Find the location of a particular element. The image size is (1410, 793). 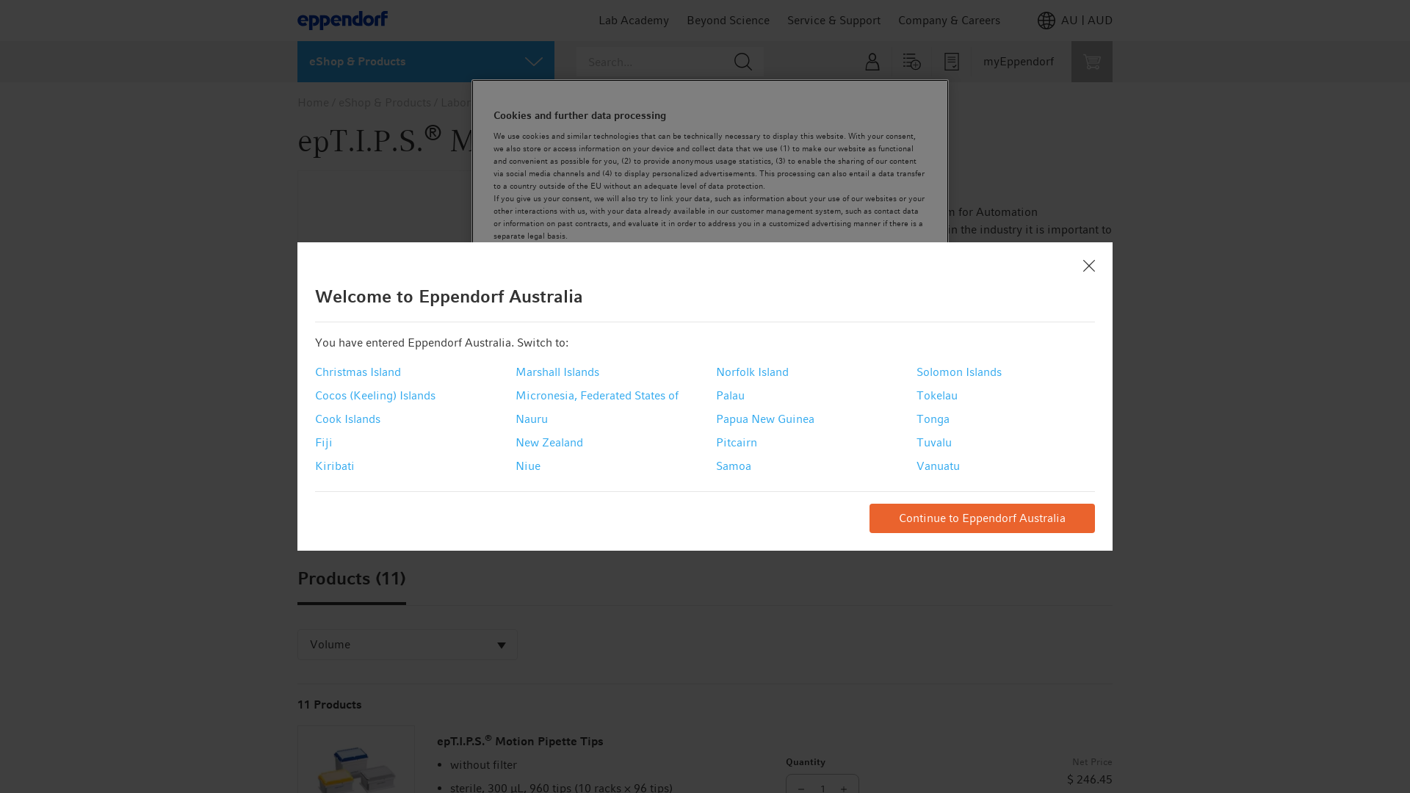

'Tonga' is located at coordinates (932, 419).